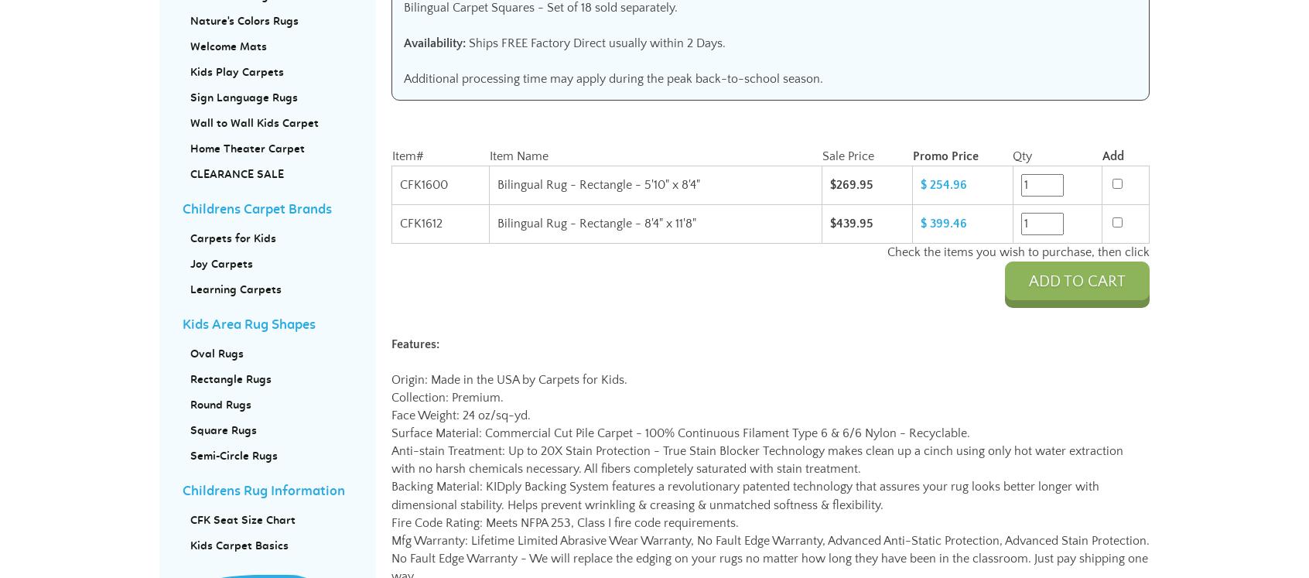 The width and height of the screenshot is (1309, 578). I want to click on '$269.95', so click(851, 183).